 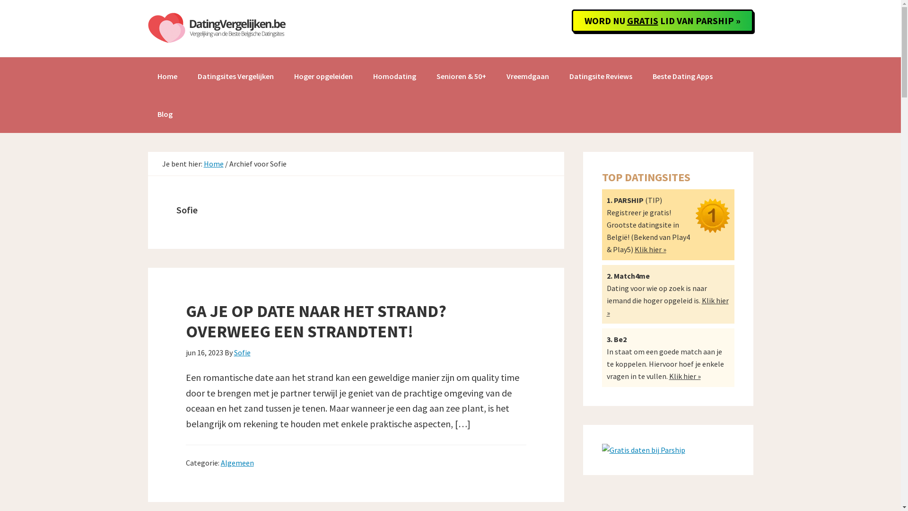 What do you see at coordinates (315, 320) in the screenshot?
I see `'GA JE OP DATE NAAR HET STRAND? OVERWEEG EEN STRANDTENT!'` at bounding box center [315, 320].